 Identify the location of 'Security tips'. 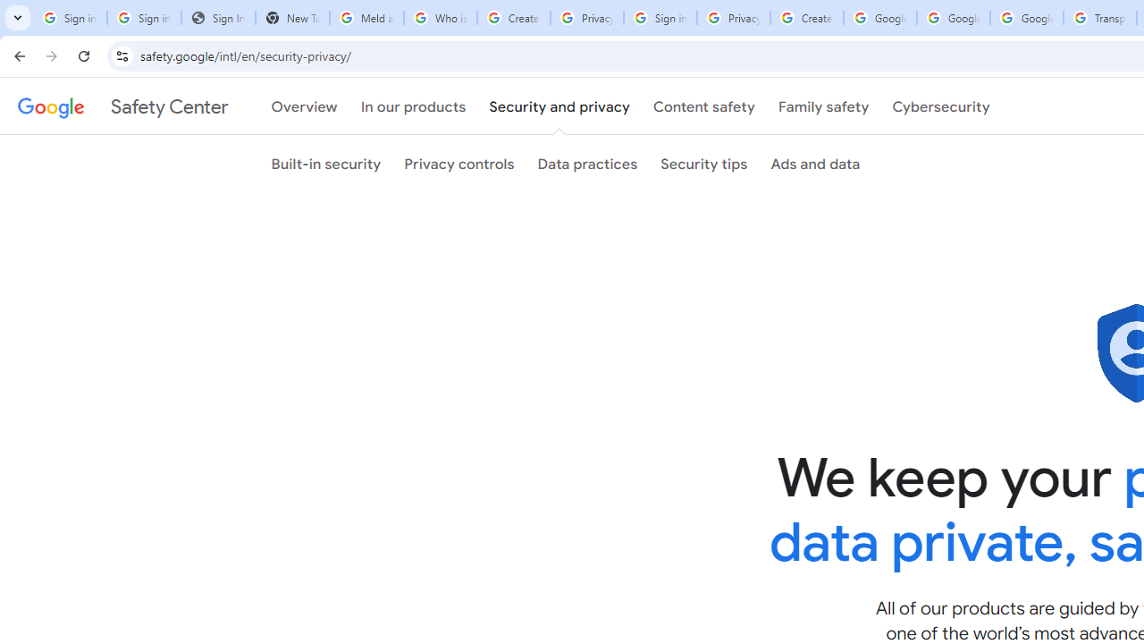
(702, 164).